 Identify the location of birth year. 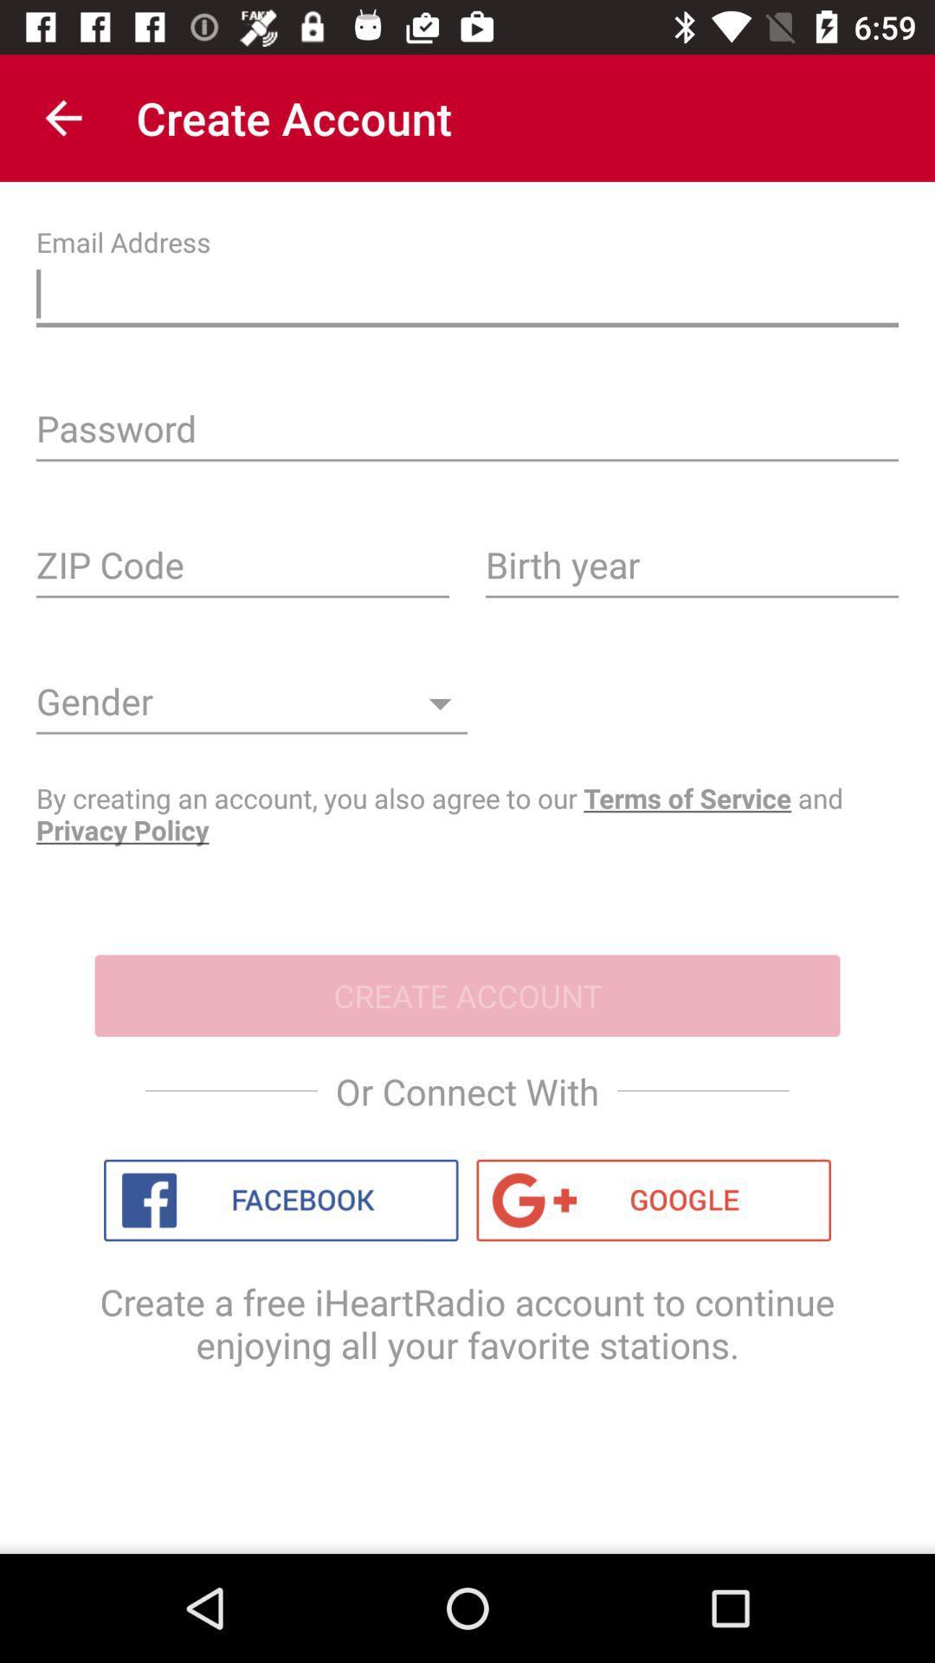
(691, 571).